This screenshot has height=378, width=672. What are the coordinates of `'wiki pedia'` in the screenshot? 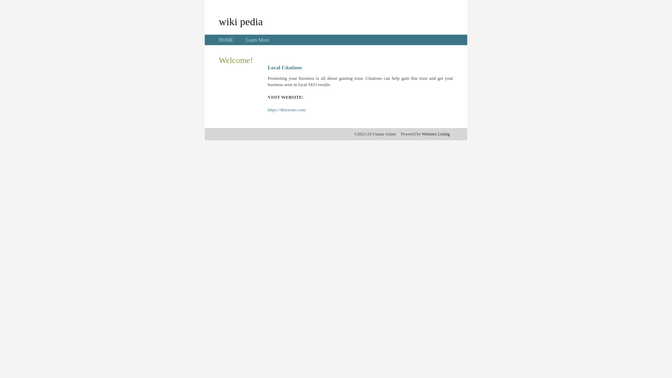 It's located at (240, 21).